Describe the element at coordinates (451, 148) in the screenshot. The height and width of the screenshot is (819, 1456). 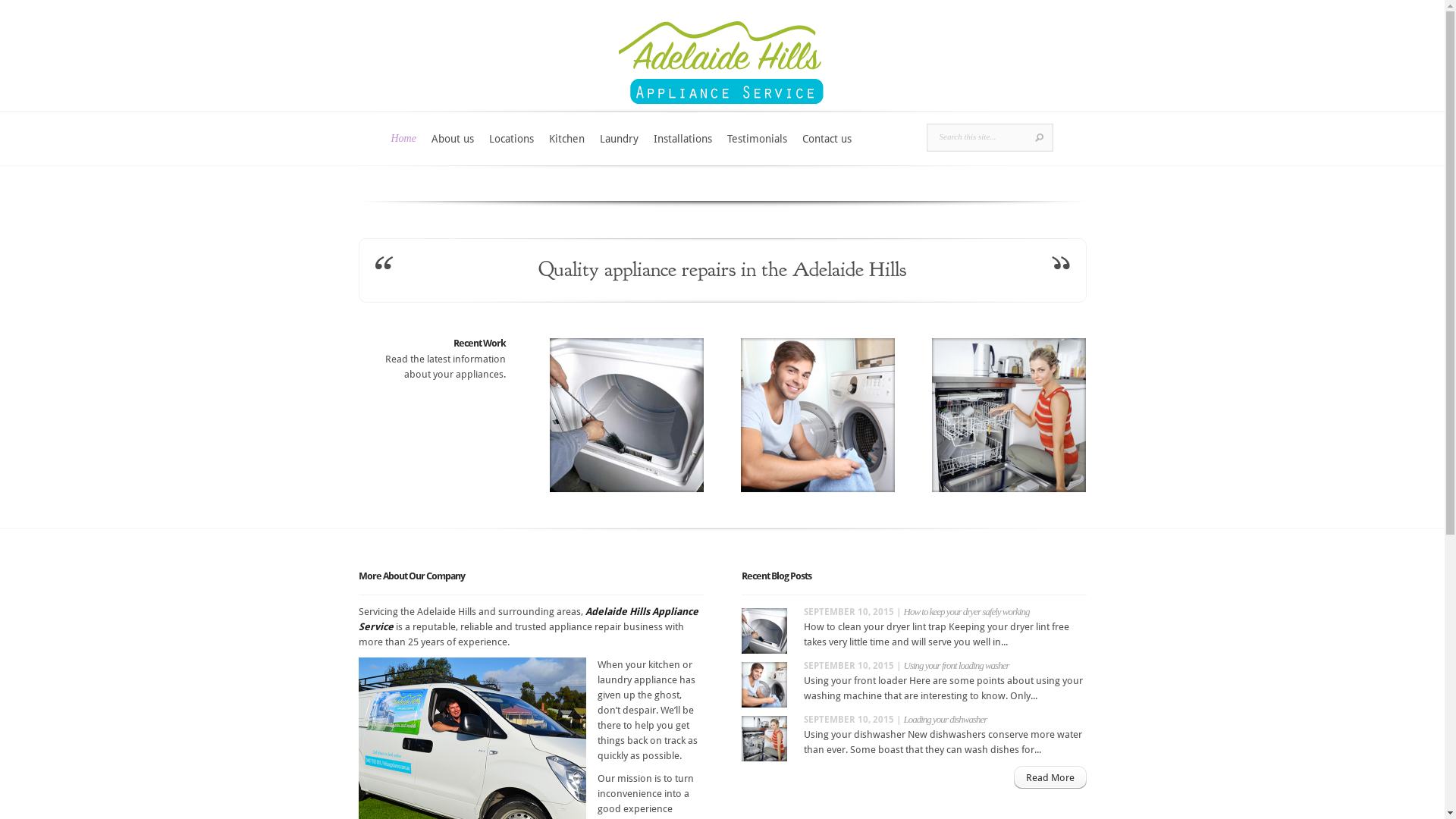
I see `'About us'` at that location.